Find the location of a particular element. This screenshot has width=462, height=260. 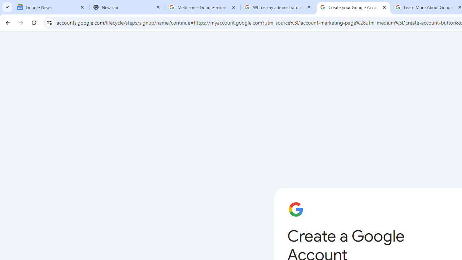

'Who is my administrator? - Google Account Help' is located at coordinates (278, 7).